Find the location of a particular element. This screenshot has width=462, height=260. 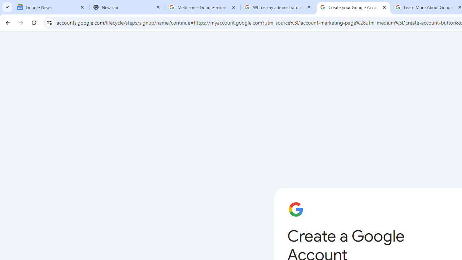

'Who is my administrator? - Google Account Help' is located at coordinates (278, 7).